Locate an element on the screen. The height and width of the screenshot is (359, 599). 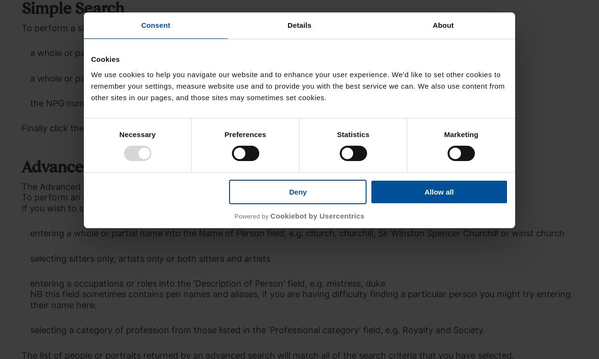
'Deny' is located at coordinates (288, 191).